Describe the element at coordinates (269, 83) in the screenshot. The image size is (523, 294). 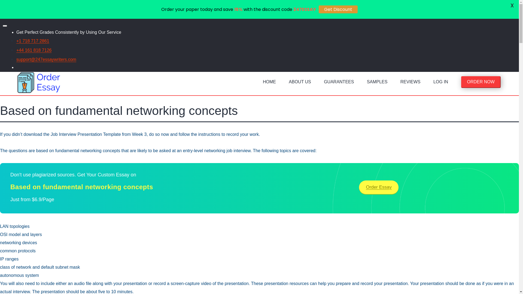
I see `'HOME'` at that location.